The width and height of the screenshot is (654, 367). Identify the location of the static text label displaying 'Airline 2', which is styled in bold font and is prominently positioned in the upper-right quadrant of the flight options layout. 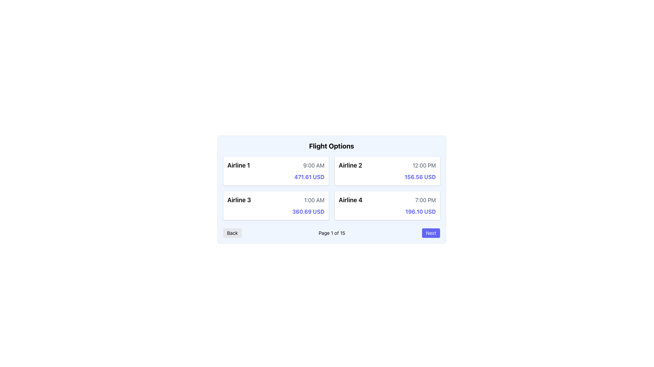
(350, 165).